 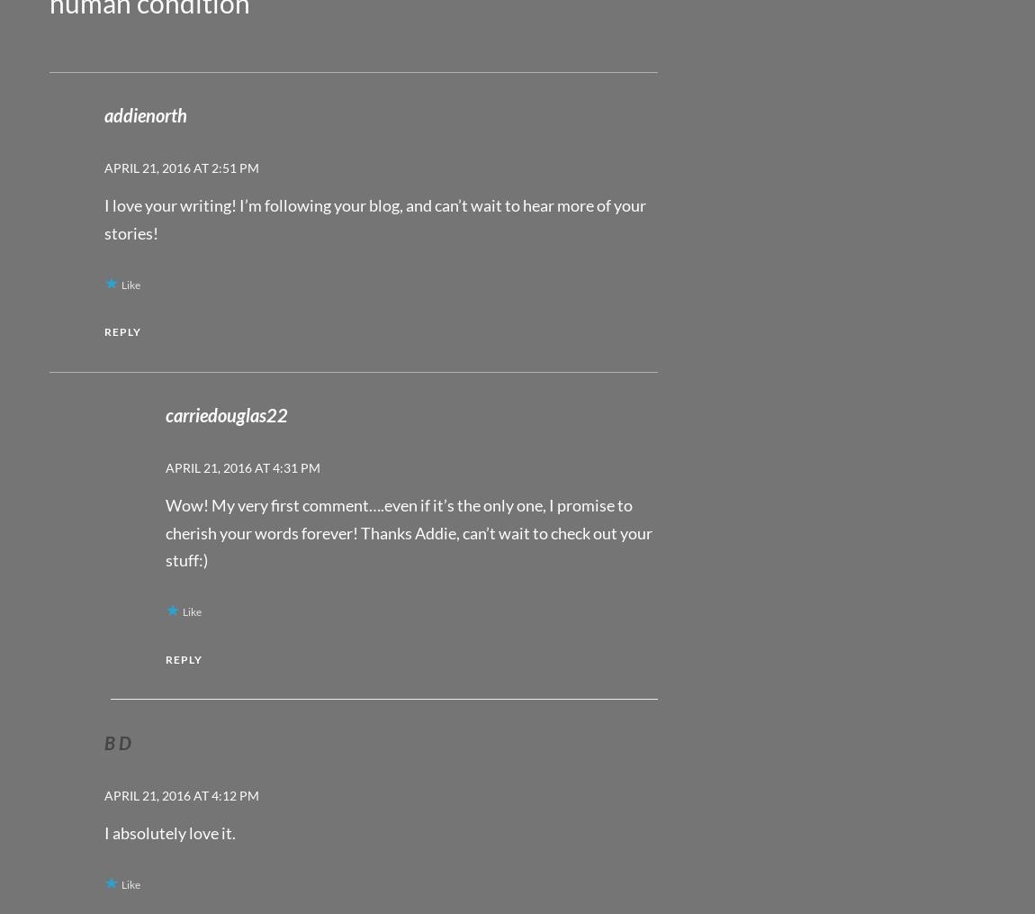 What do you see at coordinates (225, 414) in the screenshot?
I see `'carriedouglas22'` at bounding box center [225, 414].